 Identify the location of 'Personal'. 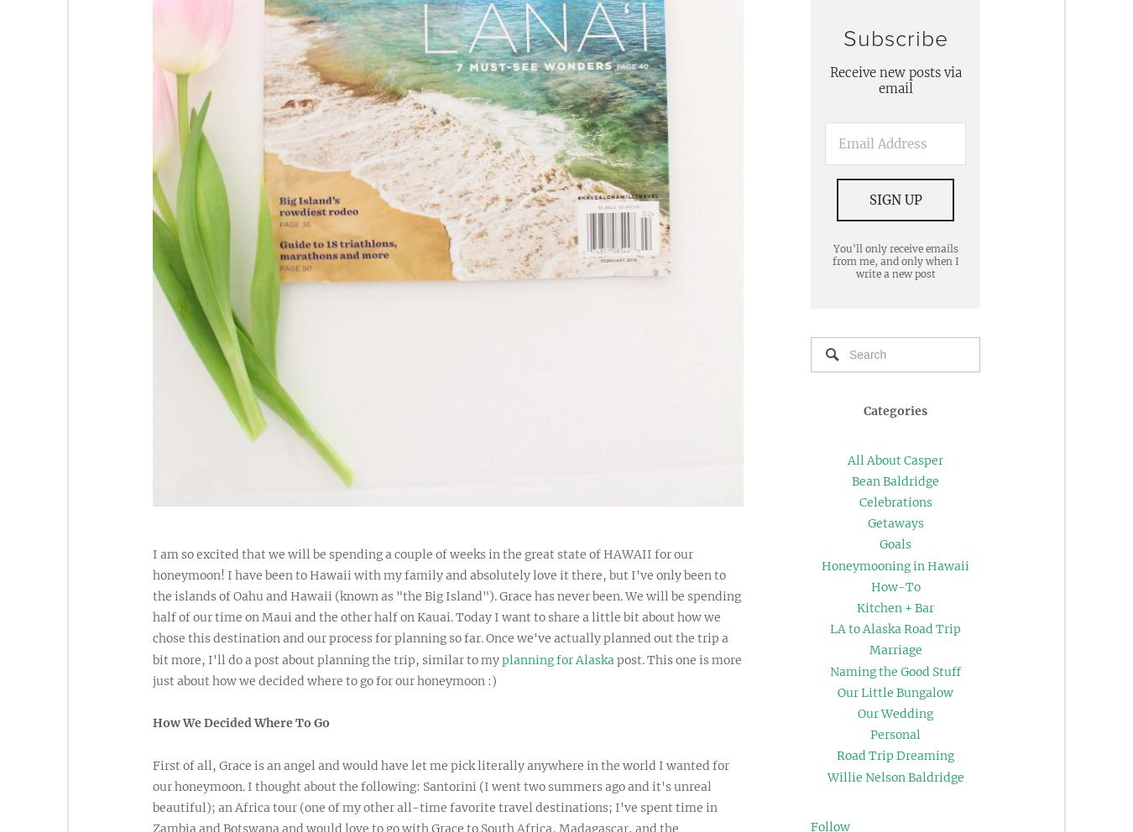
(869, 735).